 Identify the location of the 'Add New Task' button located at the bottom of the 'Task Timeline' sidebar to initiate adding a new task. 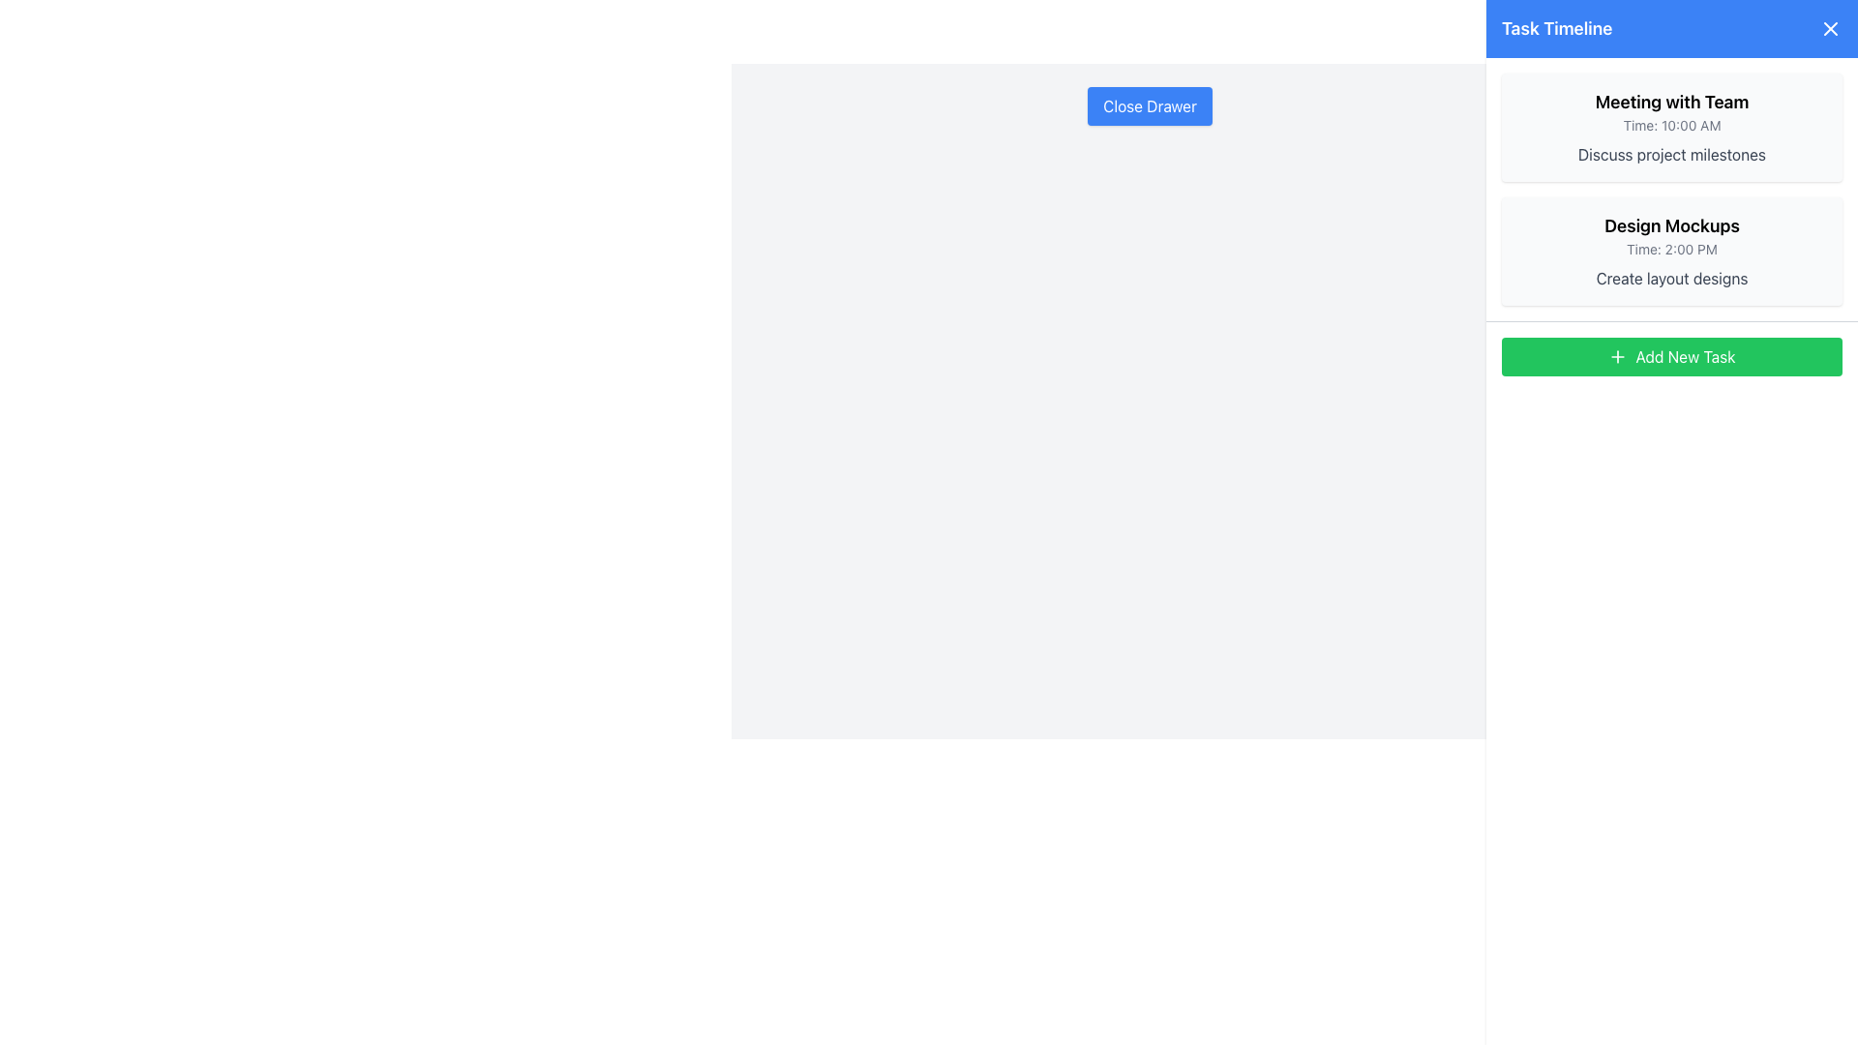
(1671, 357).